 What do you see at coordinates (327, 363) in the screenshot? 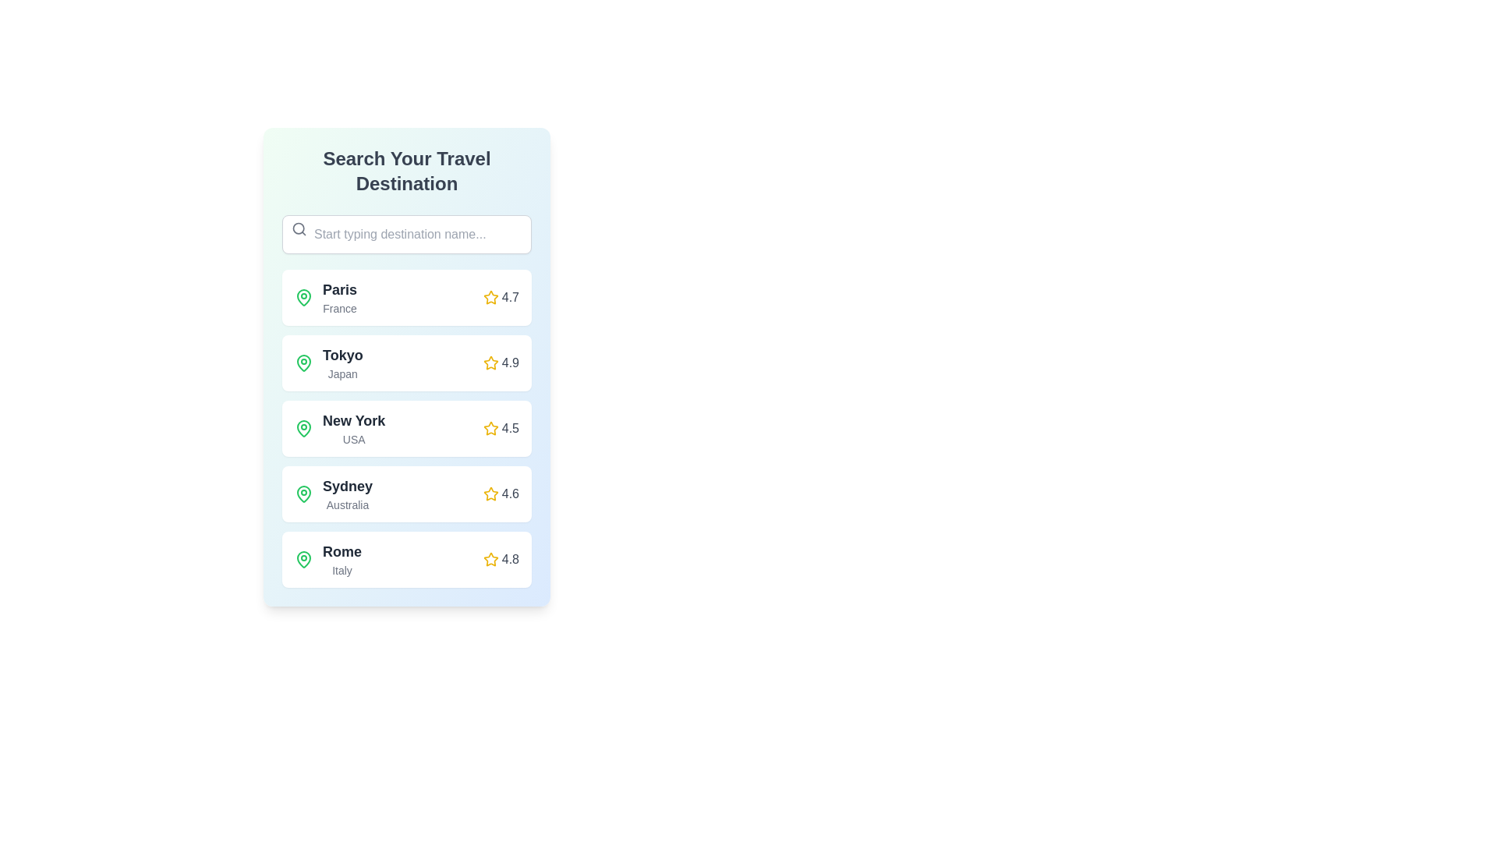
I see `the List entry for 'Tokyo, Japan', which features a green map pin icon and prominently styled text` at bounding box center [327, 363].